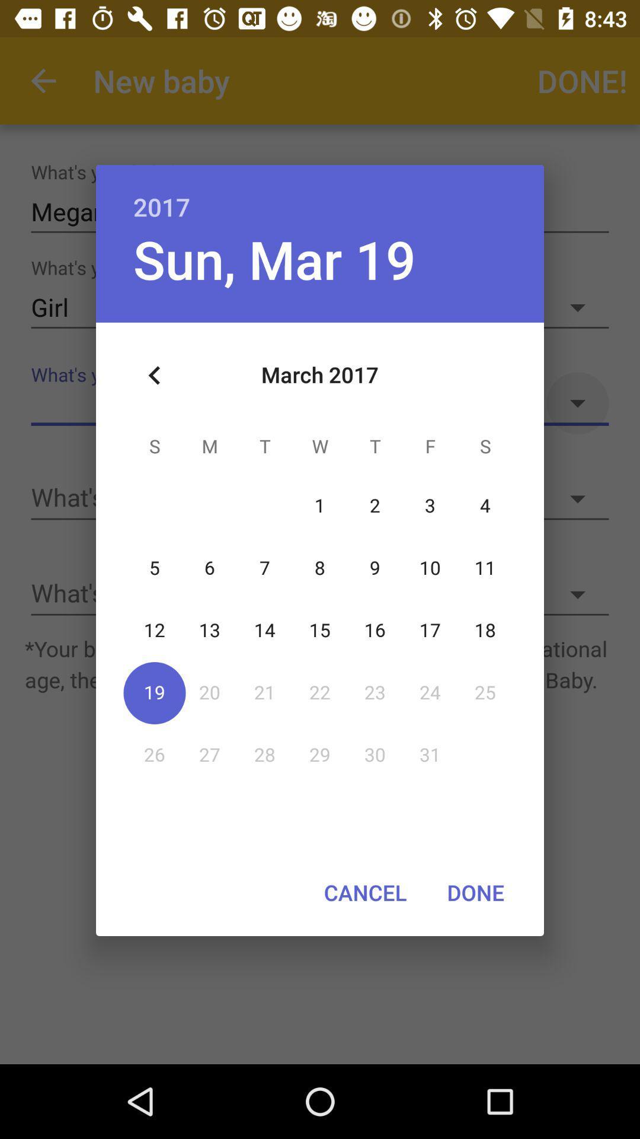  Describe the element at coordinates (274, 258) in the screenshot. I see `icon below 2017 item` at that location.